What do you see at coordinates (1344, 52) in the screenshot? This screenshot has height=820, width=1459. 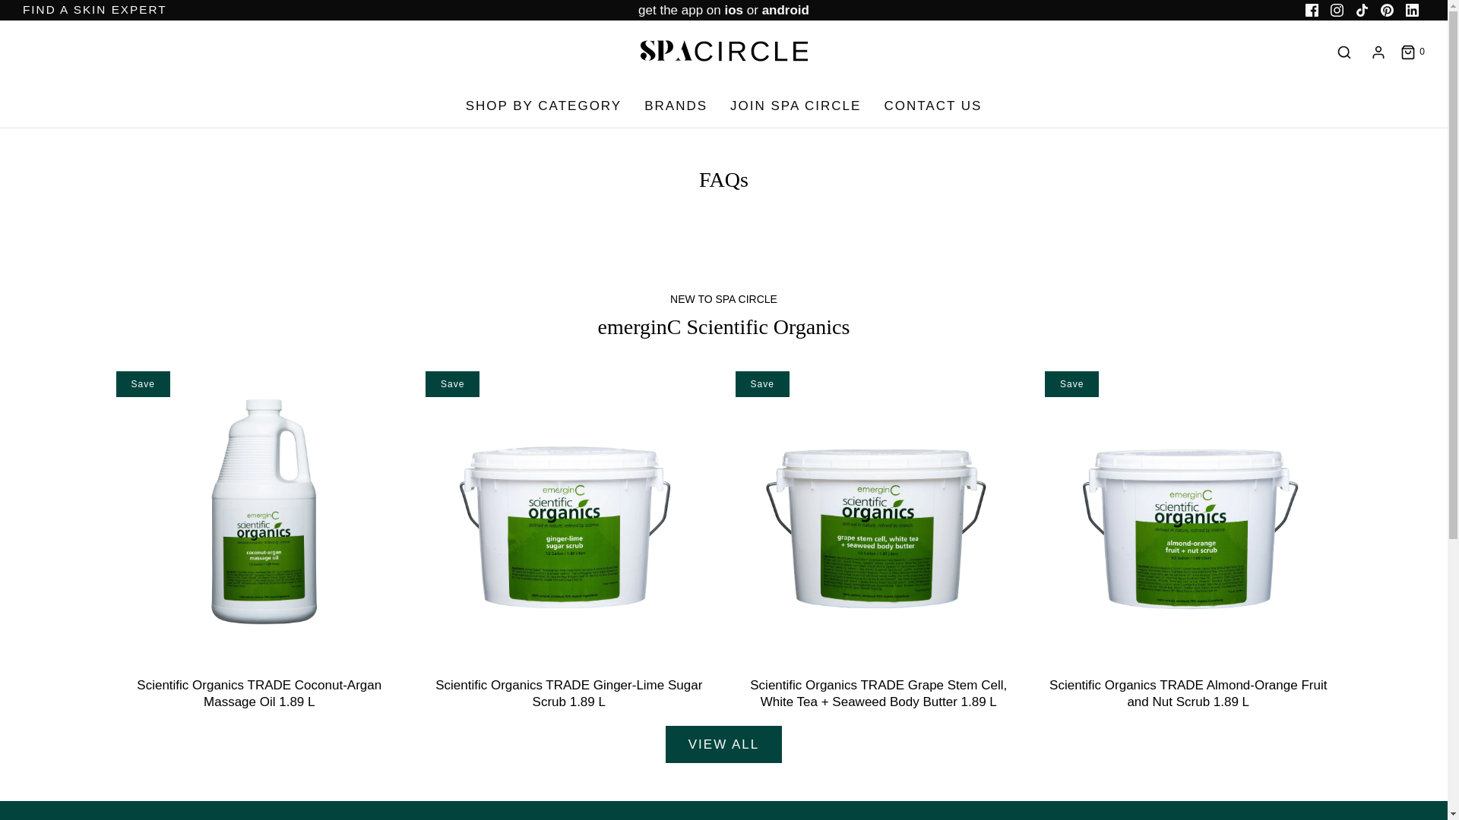 I see `'Search'` at bounding box center [1344, 52].